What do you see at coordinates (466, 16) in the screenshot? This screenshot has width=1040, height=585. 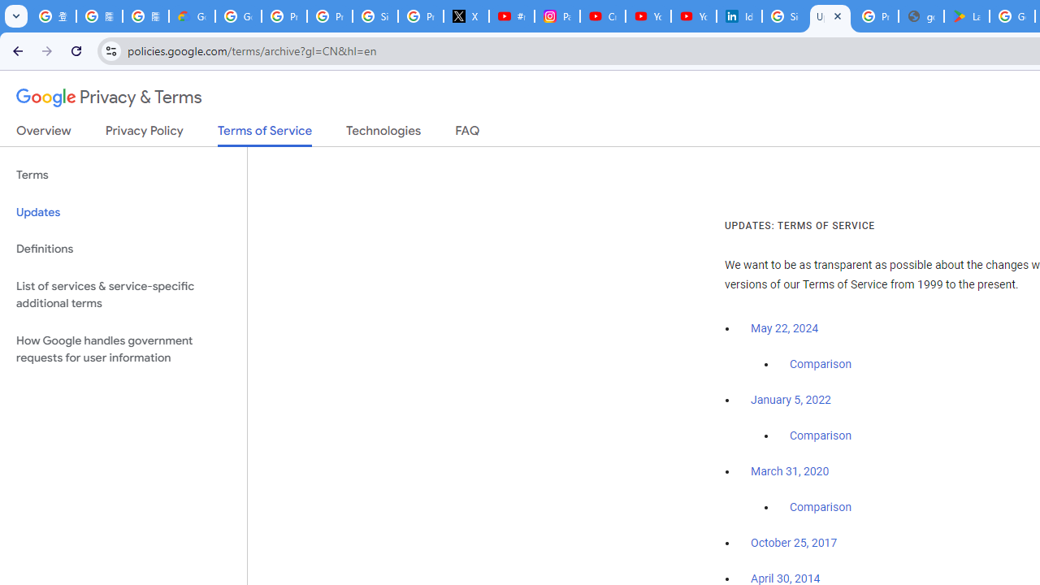 I see `'X'` at bounding box center [466, 16].